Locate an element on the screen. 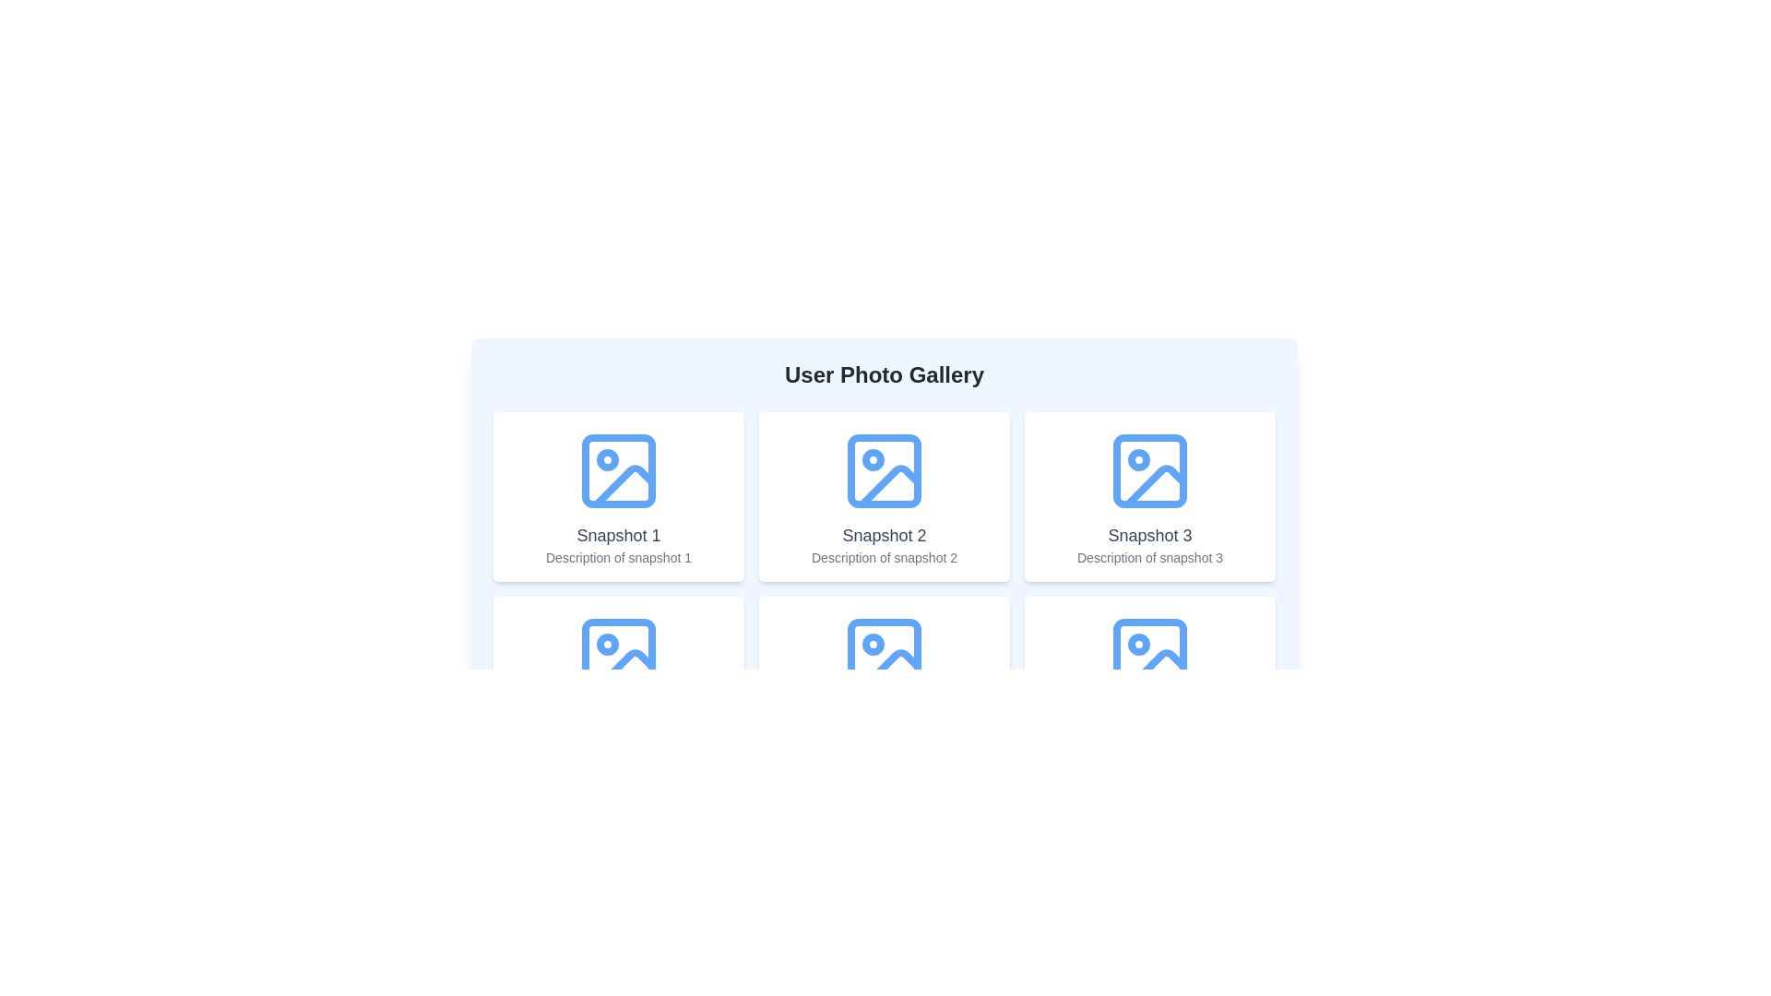 The image size is (1771, 996). the blue rounded rectangle inside the image icon representing a gallery item in the second row, first column under 'Snapshot 1' is located at coordinates (619, 654).